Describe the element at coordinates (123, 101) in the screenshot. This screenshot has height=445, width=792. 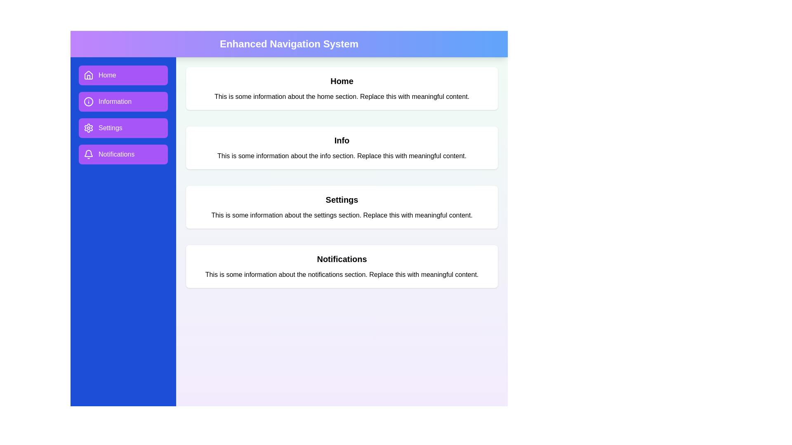
I see `the second navigation button located between the 'Home' button and 'Settings' button` at that location.